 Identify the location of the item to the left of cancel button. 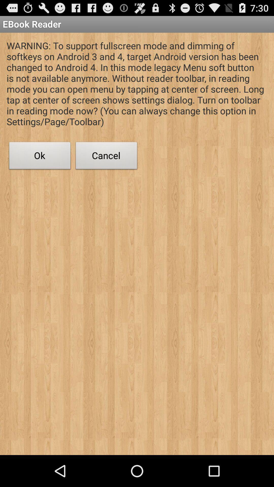
(40, 157).